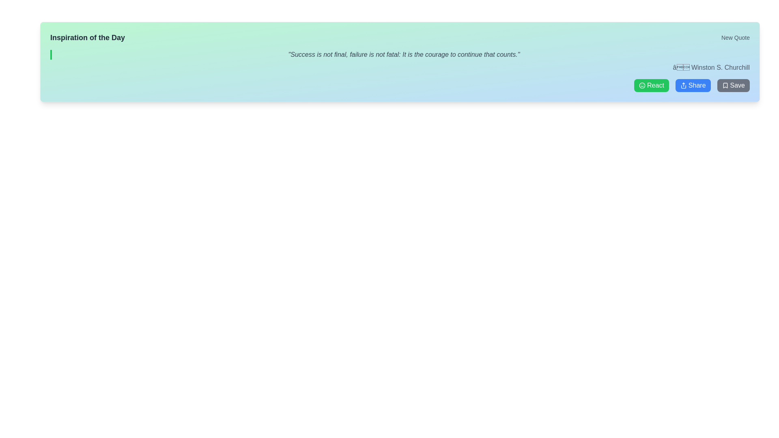 This screenshot has width=779, height=438. Describe the element at coordinates (655, 86) in the screenshot. I see `the text label 'React' inside the rounded rectangular button with a smiling face icon, which is styled with white text on a green background` at that location.